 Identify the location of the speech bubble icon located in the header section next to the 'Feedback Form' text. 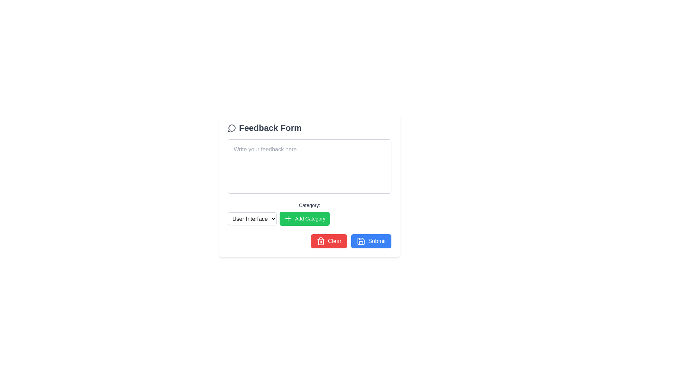
(232, 128).